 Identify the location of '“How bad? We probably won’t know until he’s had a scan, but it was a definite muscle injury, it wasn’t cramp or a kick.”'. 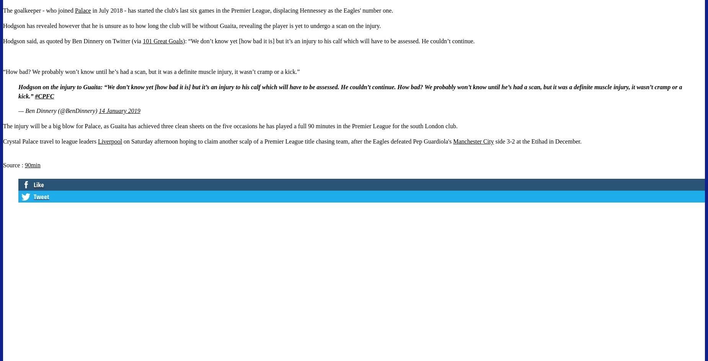
(151, 71).